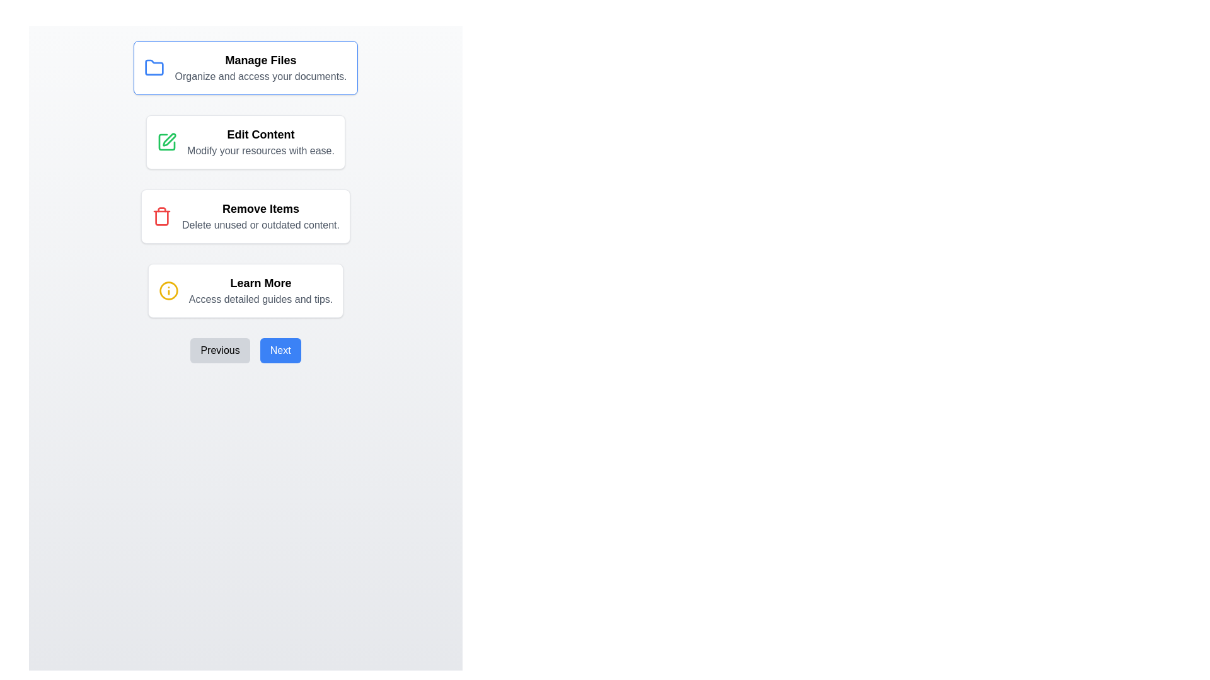  I want to click on the 'Learn More' text label, which is bold and semibold, located above a gray description in the fourth section of the informational cards, so click(260, 283).